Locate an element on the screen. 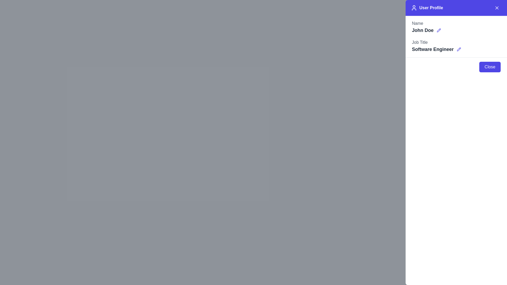  the text label indicating the user profile section located at the top-left corner of the interface, part of the navigation bar with a blue background is located at coordinates (427, 8).